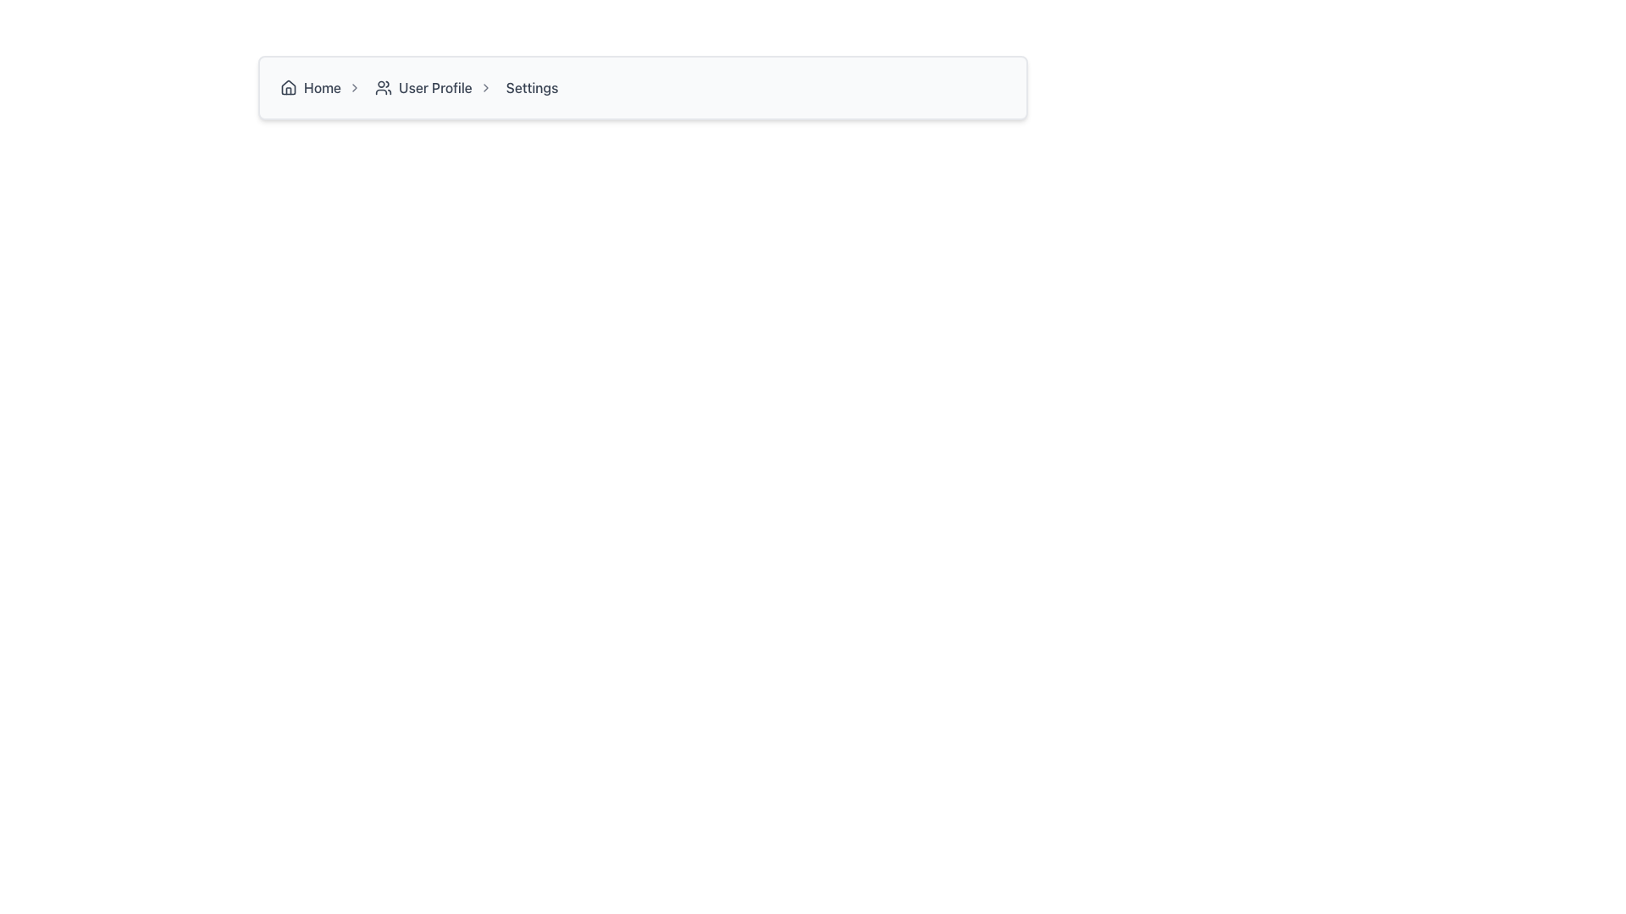 This screenshot has width=1626, height=914. Describe the element at coordinates (310, 88) in the screenshot. I see `the clickable navigation link which consists of a house-shaped icon followed by the text 'Home'` at that location.